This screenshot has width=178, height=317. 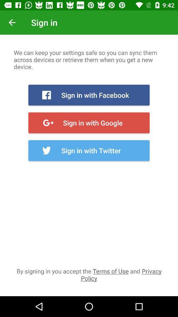 What do you see at coordinates (12, 22) in the screenshot?
I see `icon next to sign in icon` at bounding box center [12, 22].